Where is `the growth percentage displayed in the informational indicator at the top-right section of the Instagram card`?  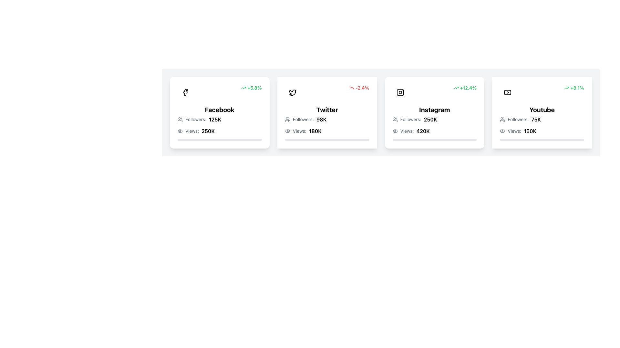 the growth percentage displayed in the informational indicator at the top-right section of the Instagram card is located at coordinates (434, 92).